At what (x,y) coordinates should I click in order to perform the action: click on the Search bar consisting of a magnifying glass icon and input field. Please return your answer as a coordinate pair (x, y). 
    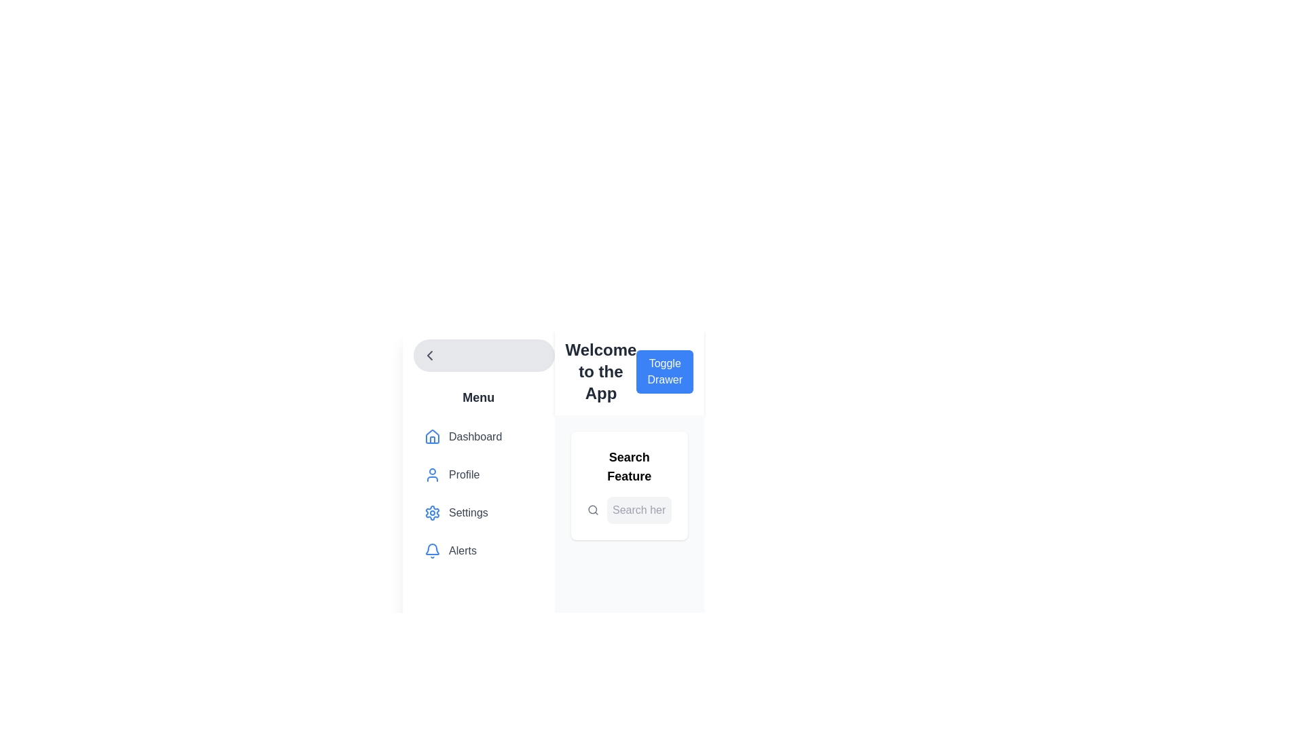
    Looking at the image, I should click on (628, 510).